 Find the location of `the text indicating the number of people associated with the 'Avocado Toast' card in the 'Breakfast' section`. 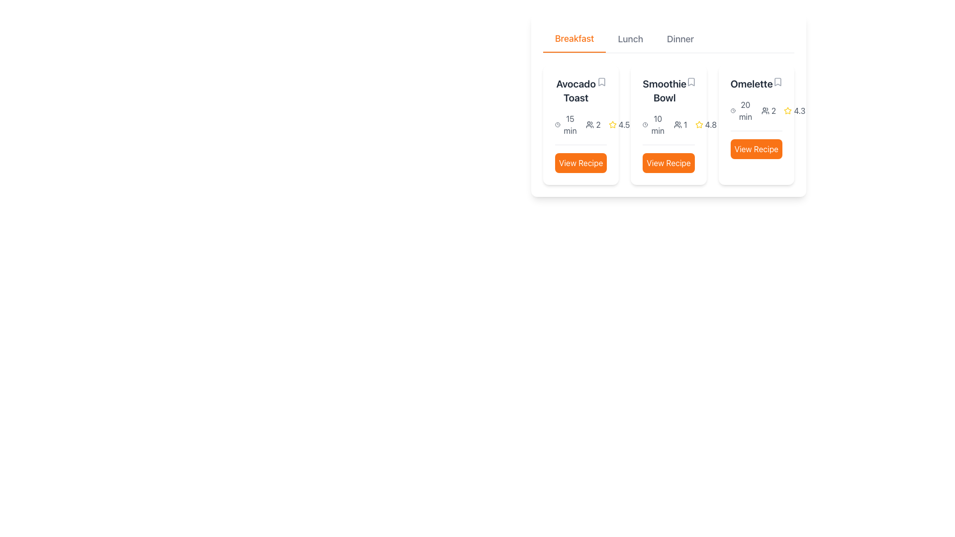

the text indicating the number of people associated with the 'Avocado Toast' card in the 'Breakfast' section is located at coordinates (597, 124).